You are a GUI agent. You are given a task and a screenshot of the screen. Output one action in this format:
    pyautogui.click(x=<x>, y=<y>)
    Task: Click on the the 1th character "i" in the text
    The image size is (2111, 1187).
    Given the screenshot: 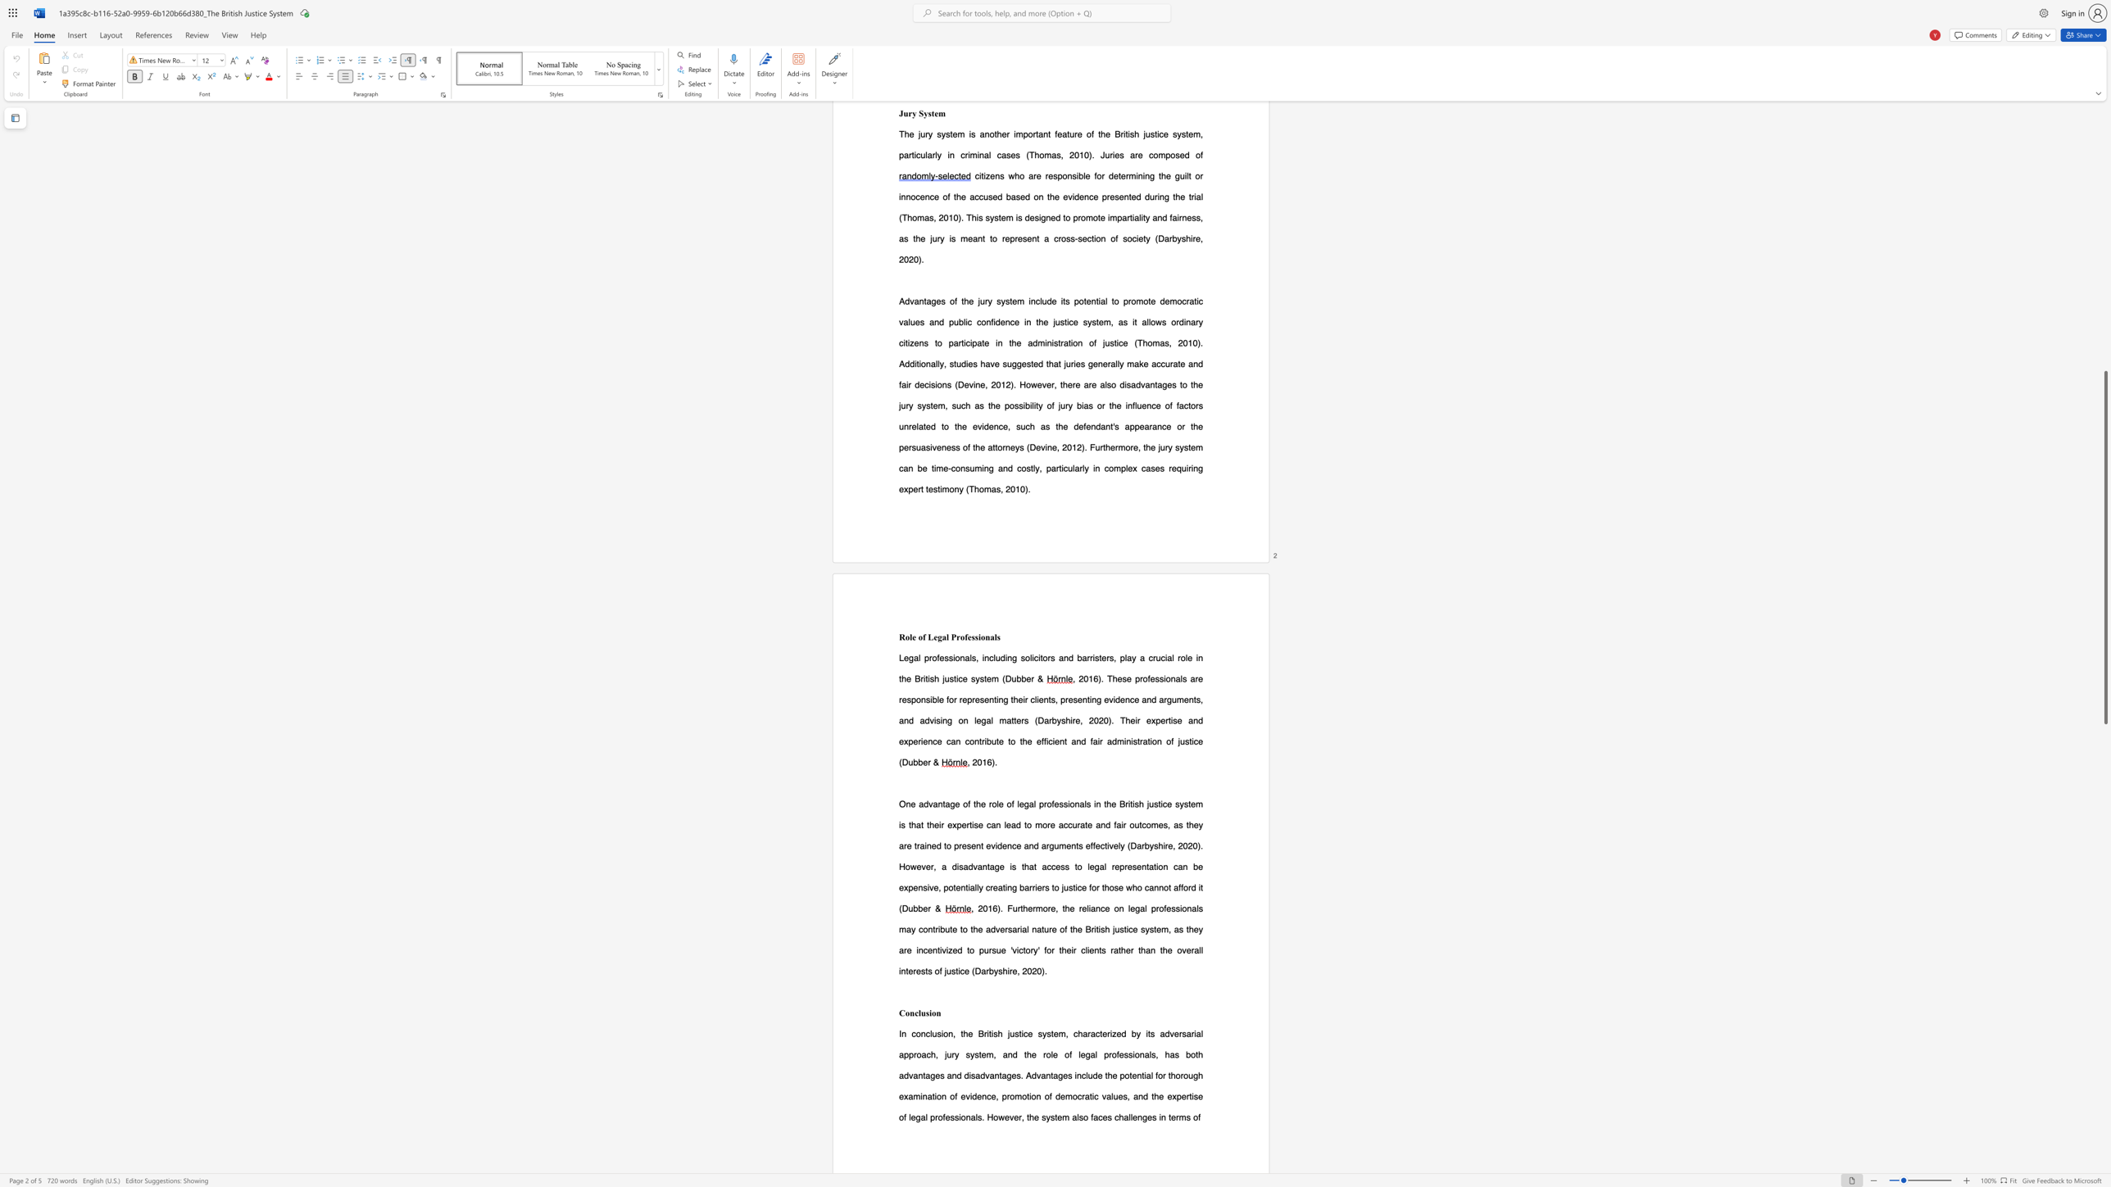 What is the action you would take?
    pyautogui.click(x=929, y=1012)
    